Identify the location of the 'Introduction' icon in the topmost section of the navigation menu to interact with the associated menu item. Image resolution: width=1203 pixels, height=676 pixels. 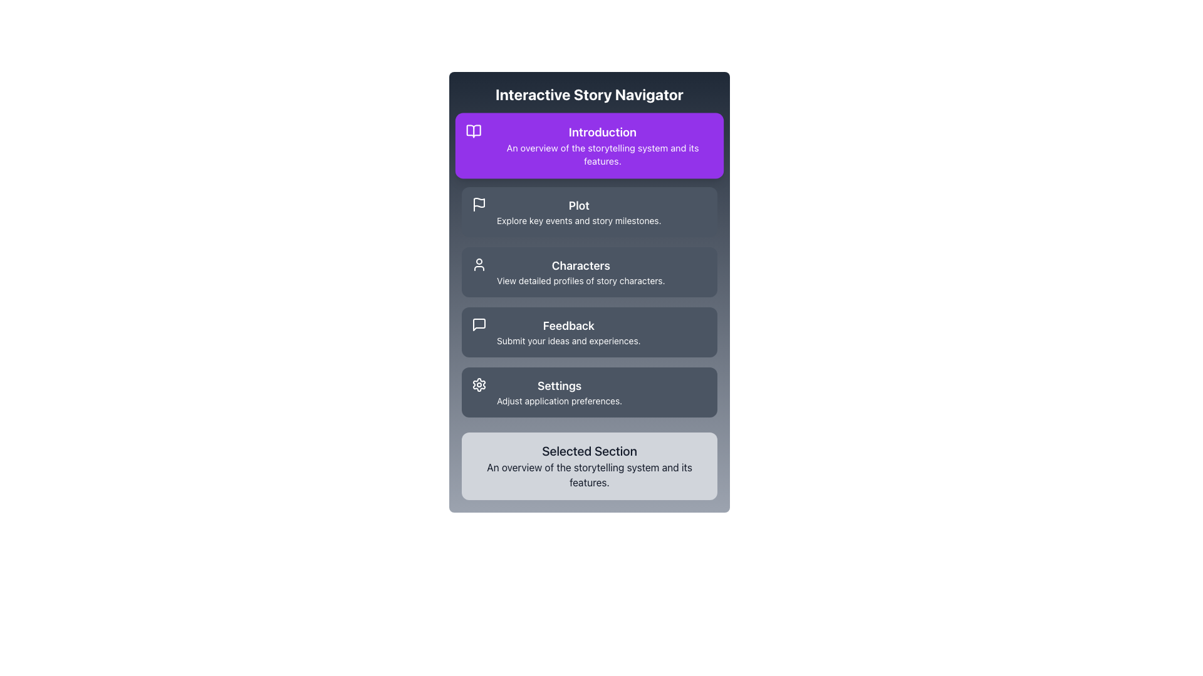
(472, 130).